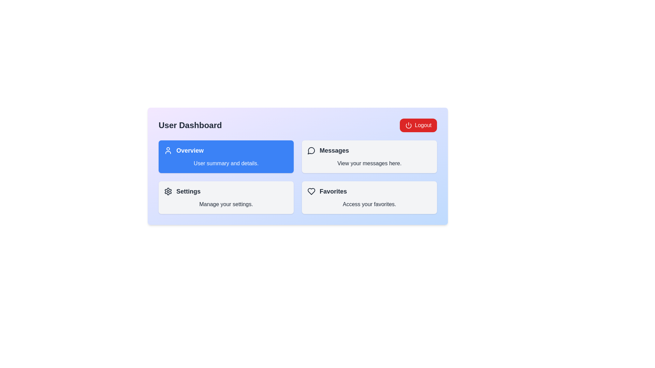 The height and width of the screenshot is (368, 655). Describe the element at coordinates (226, 197) in the screenshot. I see `the third settings card located in the lower-left corner of the grid layout` at that location.